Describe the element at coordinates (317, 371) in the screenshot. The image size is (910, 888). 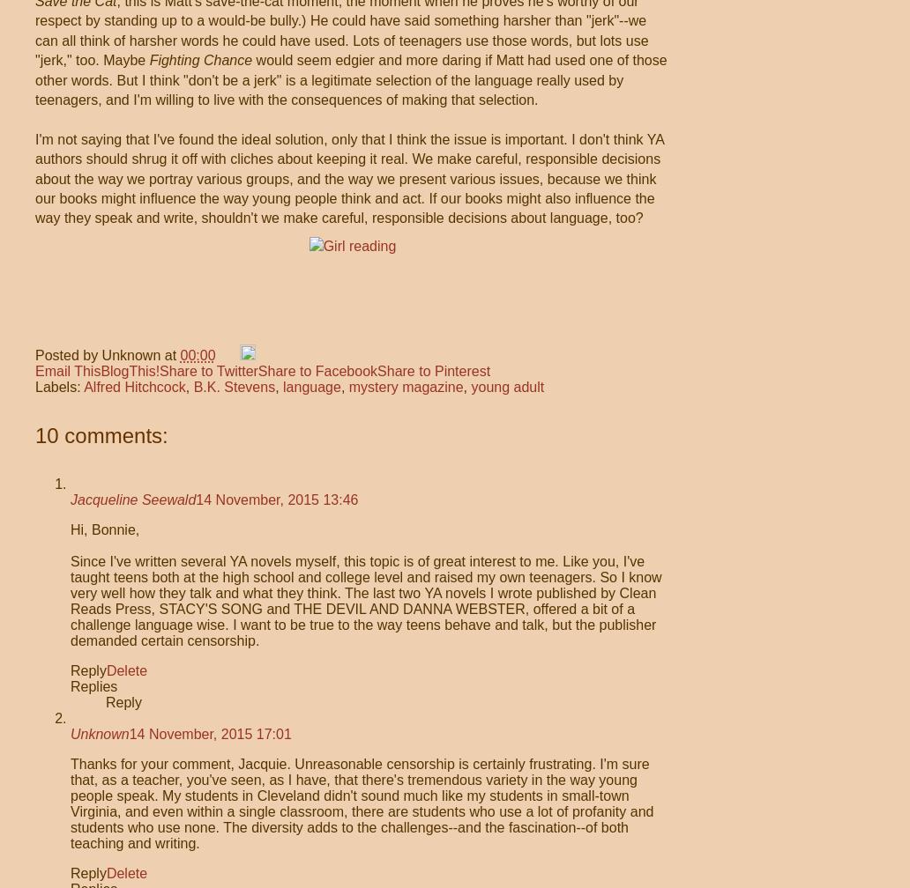
I see `'Share to Facebook'` at that location.